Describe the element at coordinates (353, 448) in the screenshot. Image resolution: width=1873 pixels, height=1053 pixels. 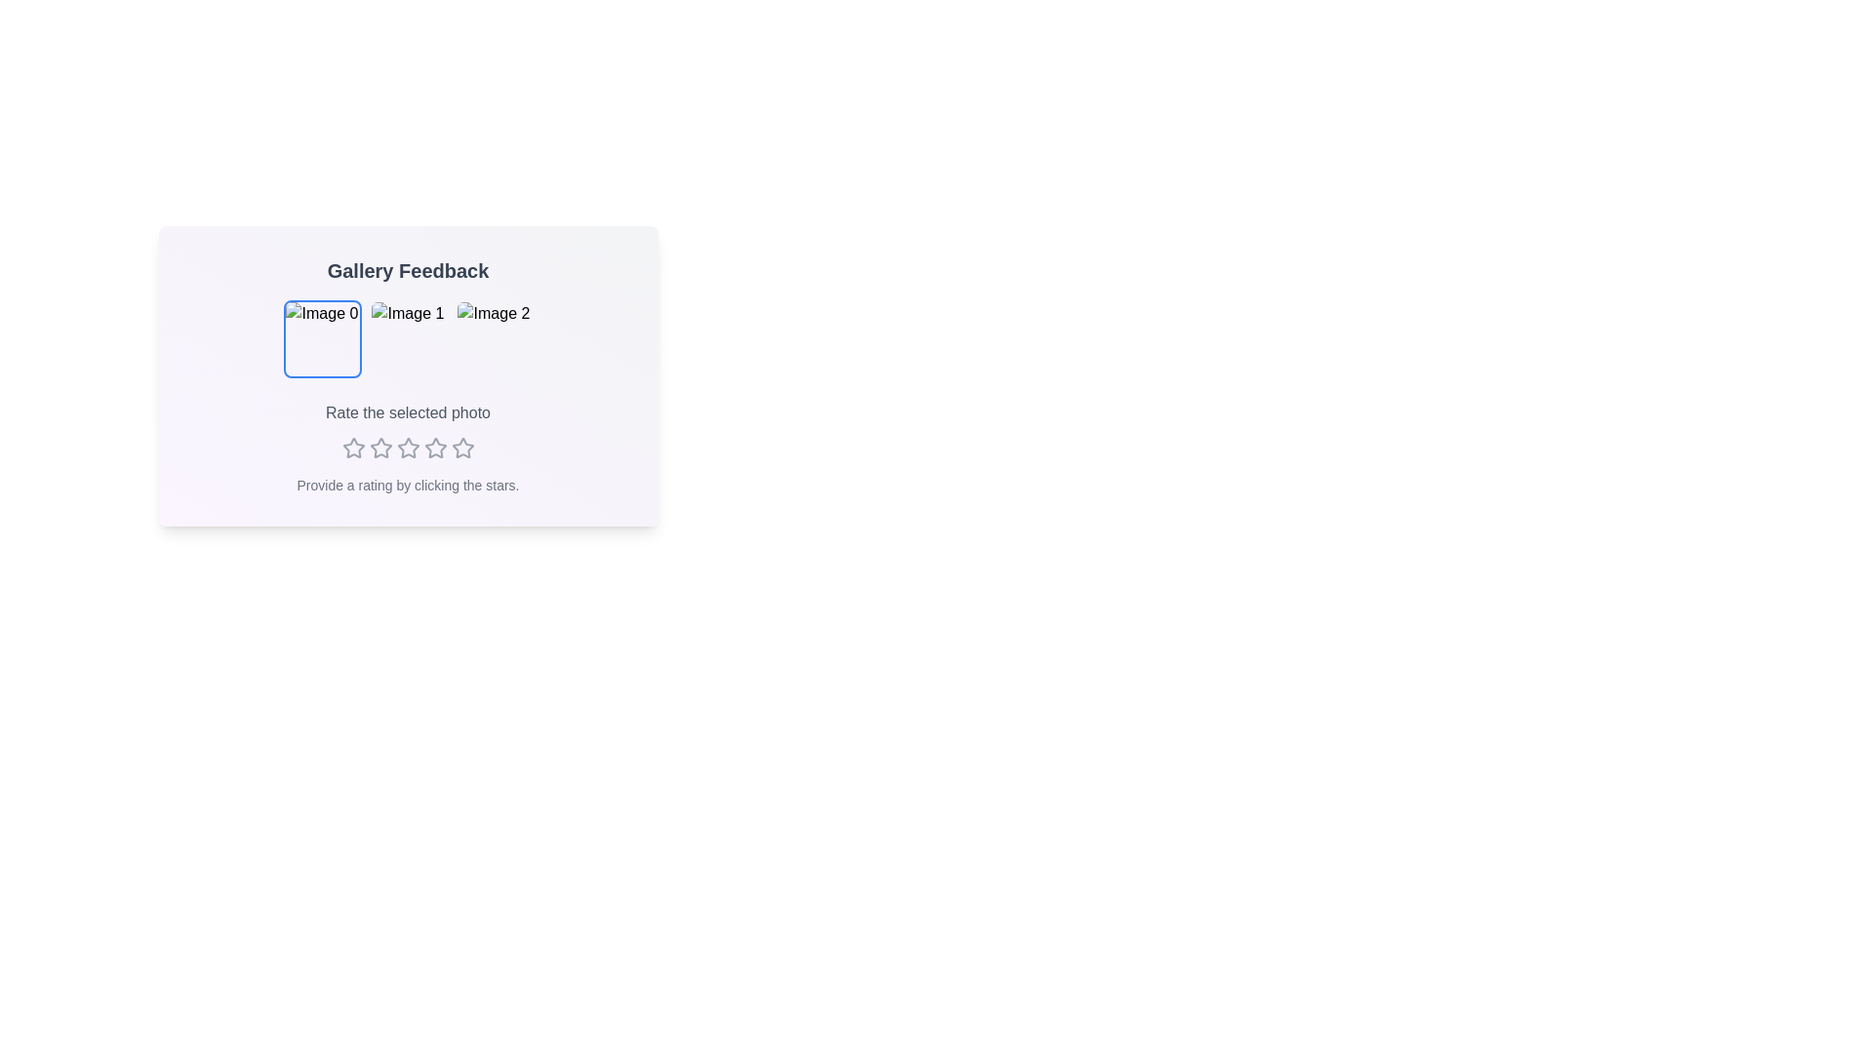
I see `the first interactive star for ratings using keyboard navigation` at that location.